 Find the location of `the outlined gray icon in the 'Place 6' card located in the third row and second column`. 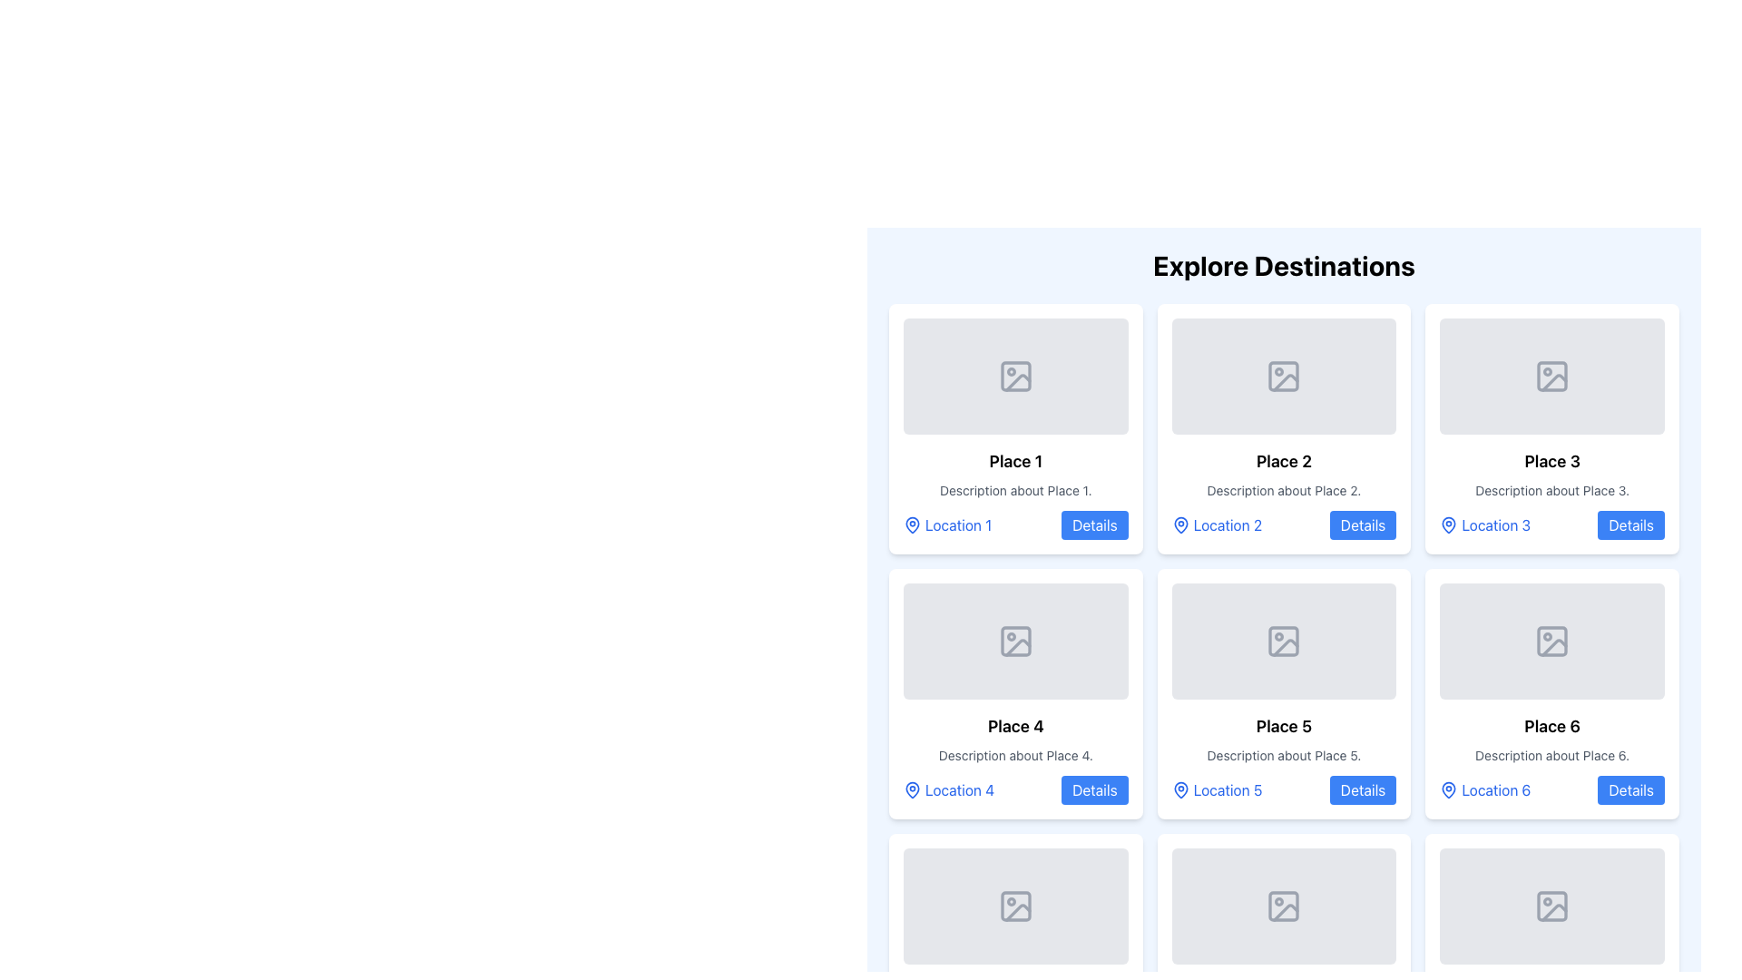

the outlined gray icon in the 'Place 6' card located in the third row and second column is located at coordinates (1551, 640).